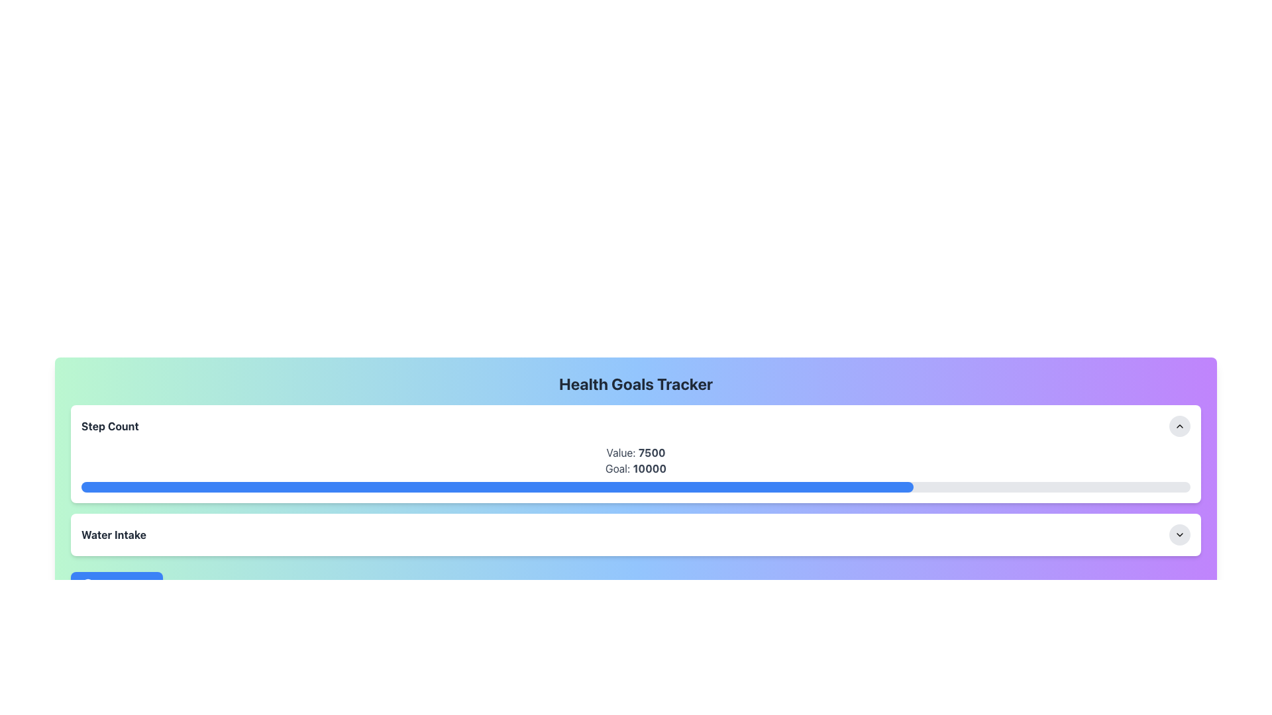 This screenshot has width=1272, height=715. I want to click on the downward-pointing chevron icon inside the gray circular button at the far-right end of the 'Water Intake' card in the Health Goals Tracker interface, so click(1179, 534).